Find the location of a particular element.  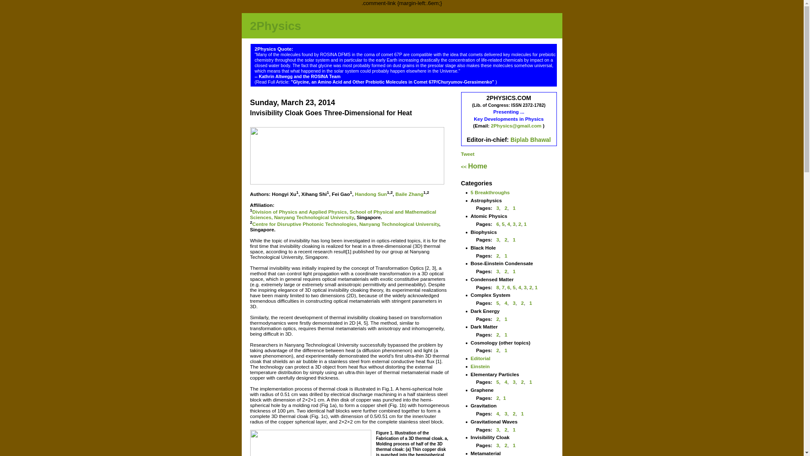

'3' is located at coordinates (498, 429).